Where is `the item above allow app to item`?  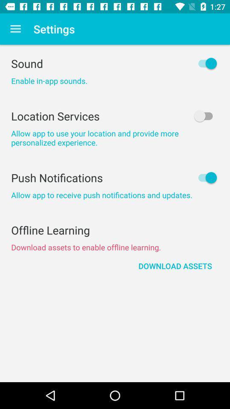 the item above allow app to item is located at coordinates (115, 115).